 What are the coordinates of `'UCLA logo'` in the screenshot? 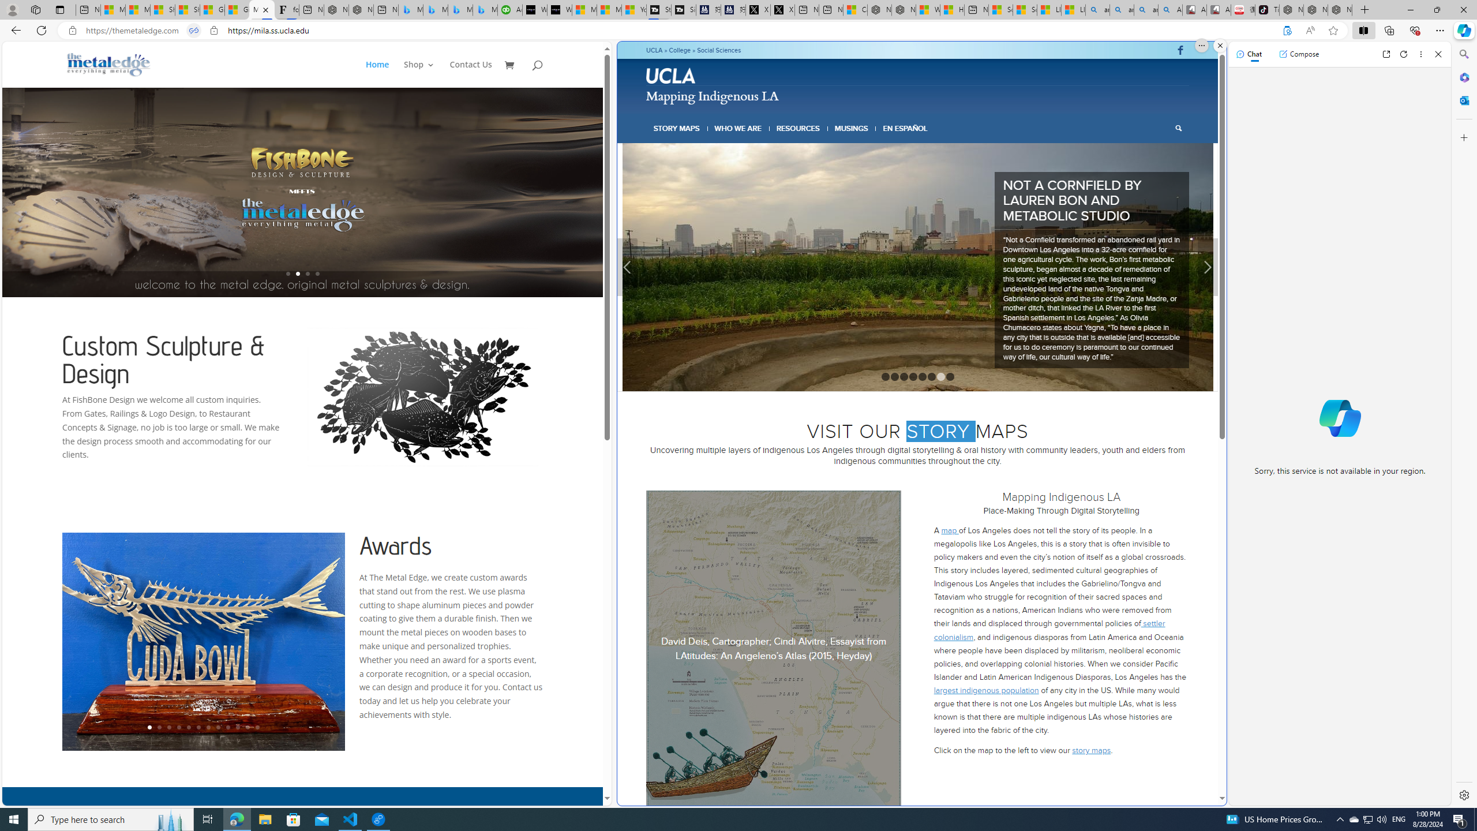 It's located at (671, 77).